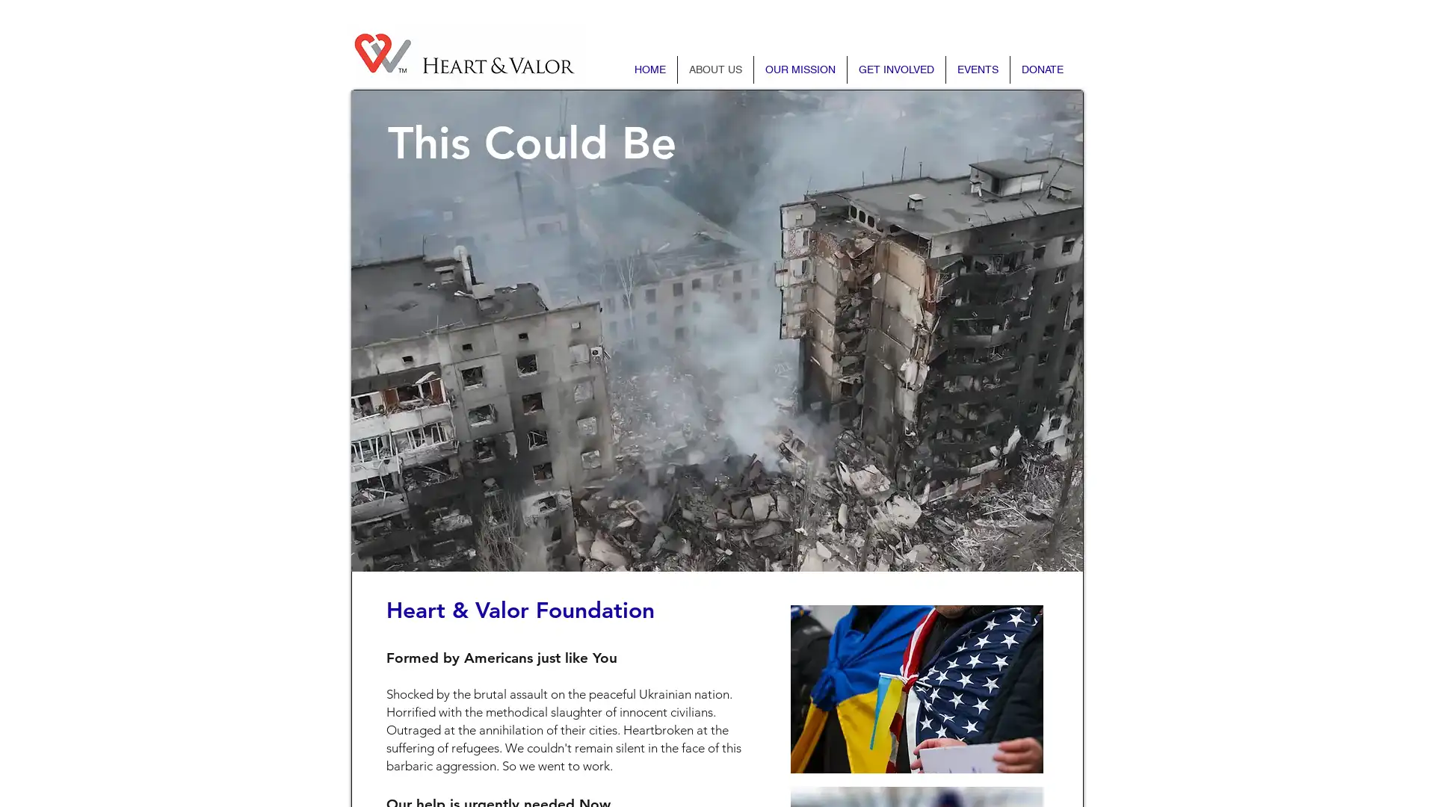 The image size is (1435, 807). I want to click on Previous, so click(404, 330).